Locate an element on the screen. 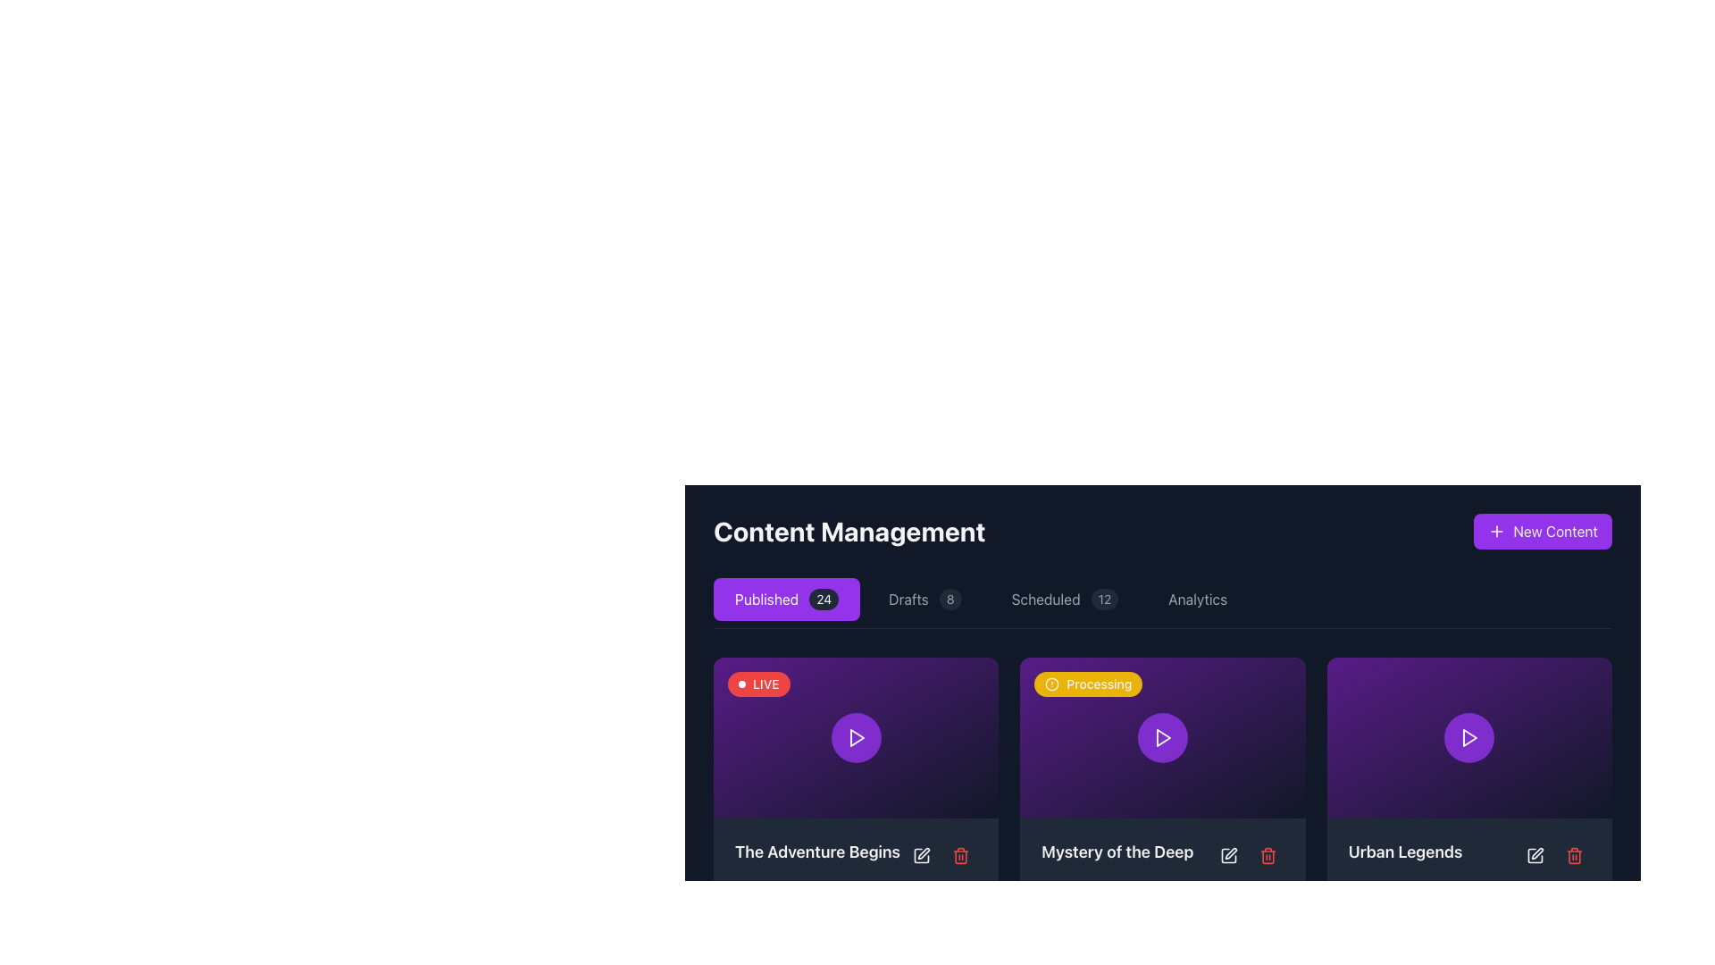 Image resolution: width=1715 pixels, height=965 pixels. the triangular play symbol SVG icon located within the purple circular button on the leftmost card in the second row to play content is located at coordinates (855, 737).